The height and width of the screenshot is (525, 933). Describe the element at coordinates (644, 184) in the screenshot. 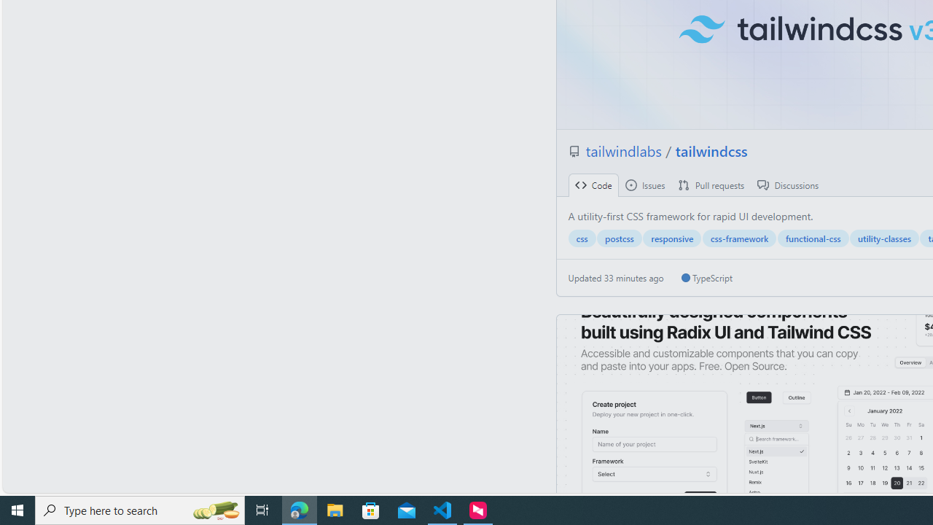

I see `' Issues'` at that location.